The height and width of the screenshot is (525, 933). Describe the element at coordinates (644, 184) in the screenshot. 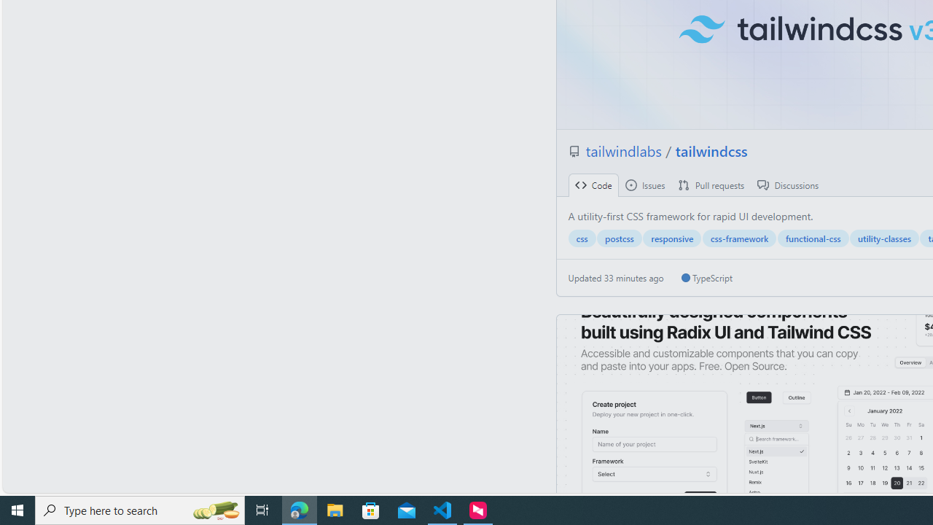

I see `' Issues'` at that location.